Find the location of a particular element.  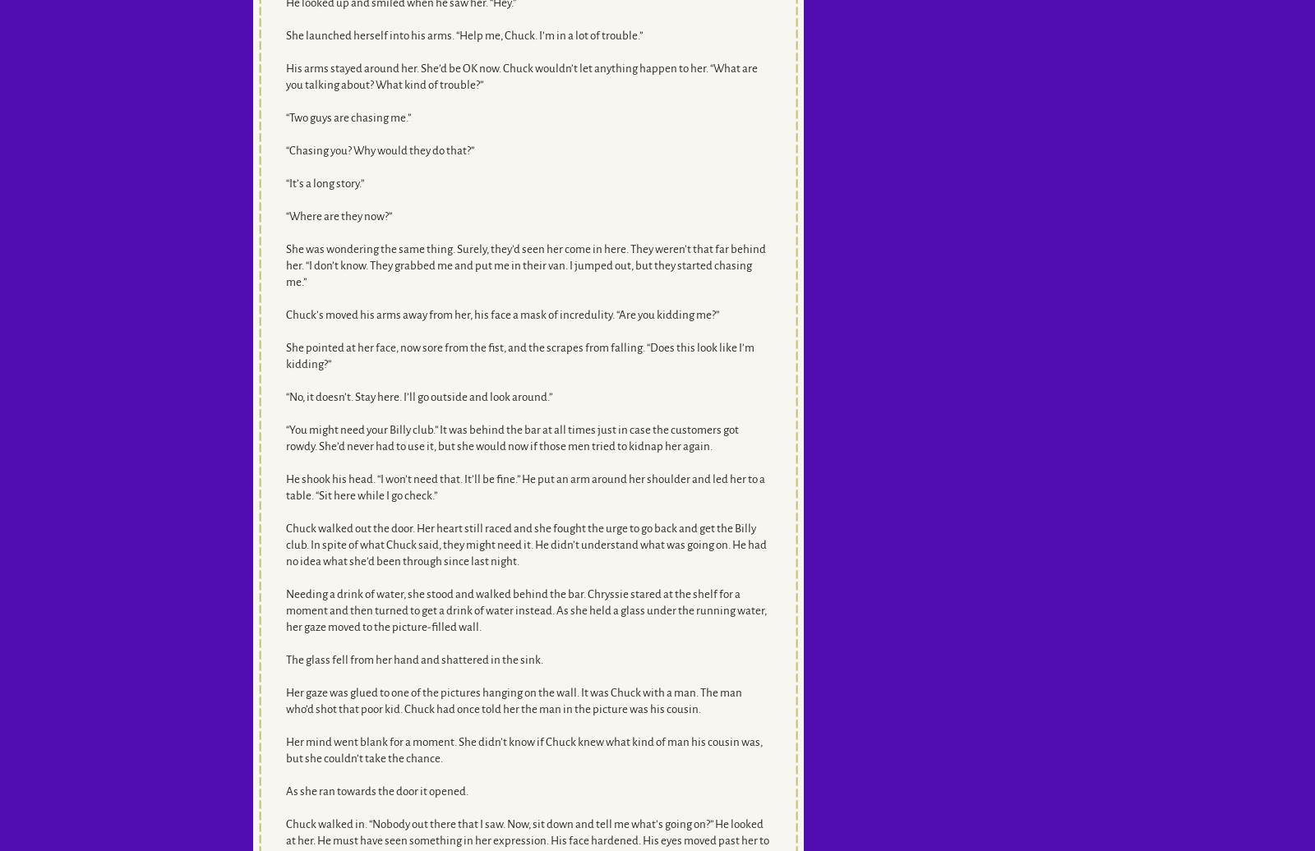

'“Chasing you? Why would they do that?”' is located at coordinates (378, 150).